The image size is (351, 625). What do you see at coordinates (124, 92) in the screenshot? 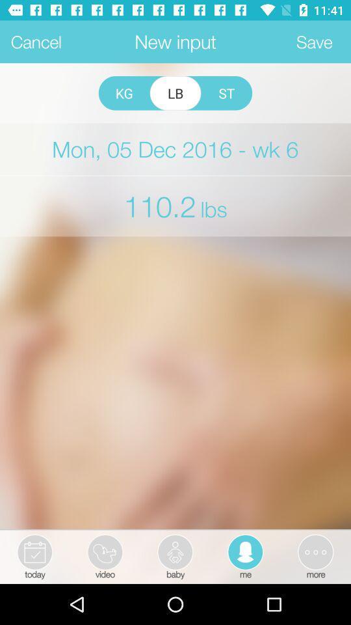
I see `icon below new input icon` at bounding box center [124, 92].